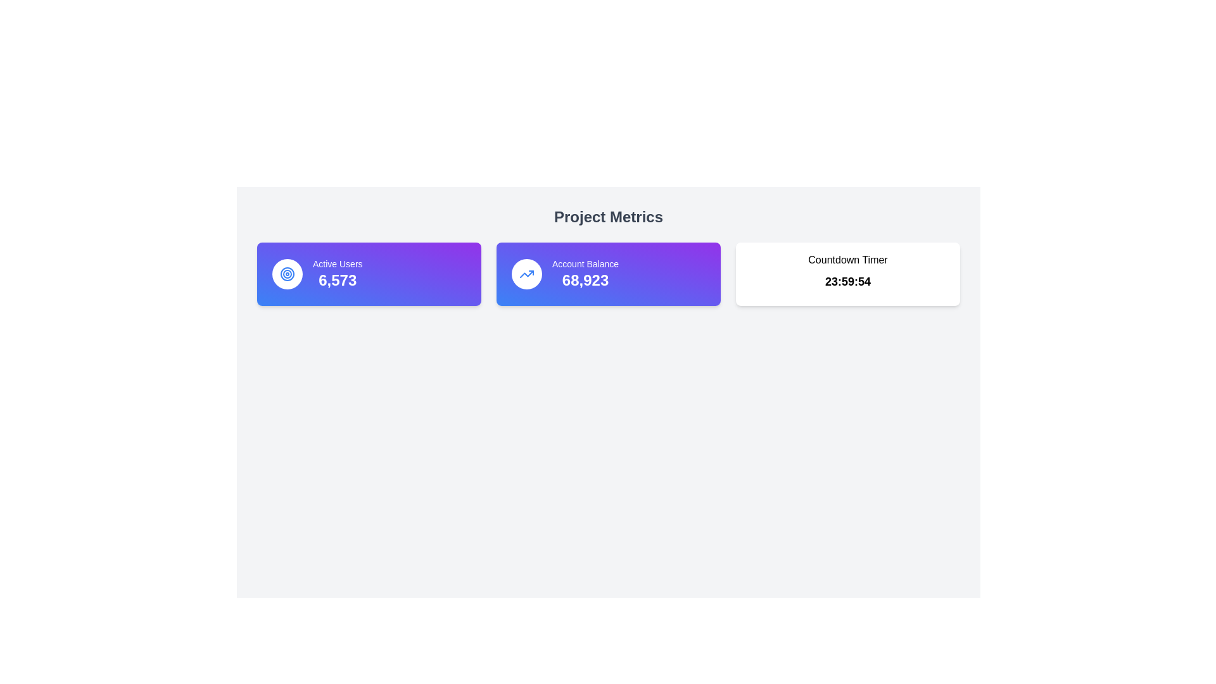 Image resolution: width=1216 pixels, height=684 pixels. Describe the element at coordinates (585, 263) in the screenshot. I see `the text label indicating the account balance metric located in the second card of a horizontal row of three cards, positioned above the numeric value '68,923'` at that location.